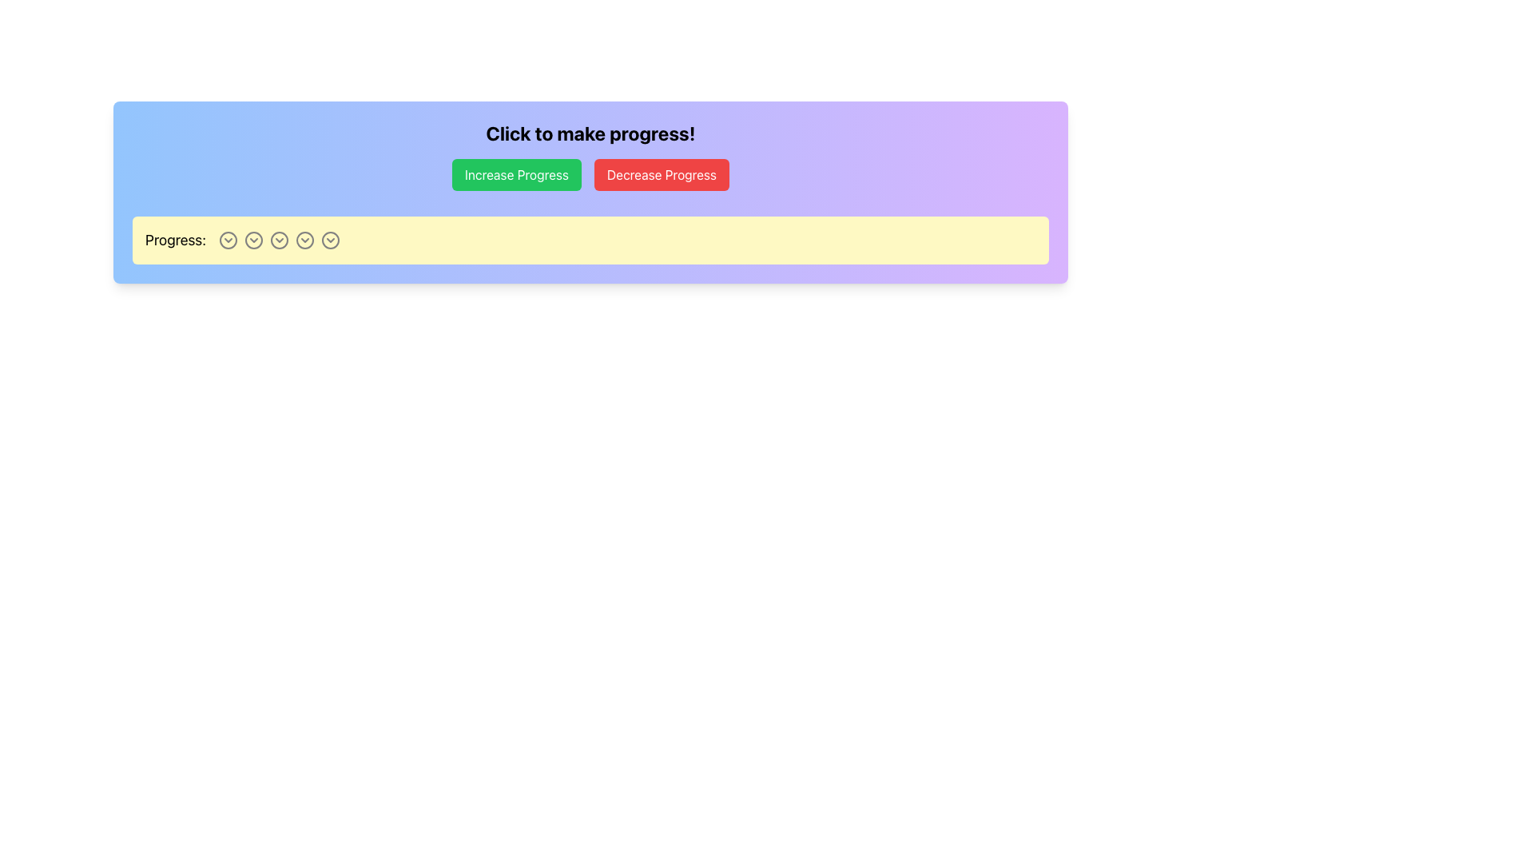 The height and width of the screenshot is (863, 1534). I want to click on the text label displaying 'Progress:' which is styled in a larger bold font and located to the left of a series of circular icons, so click(176, 240).